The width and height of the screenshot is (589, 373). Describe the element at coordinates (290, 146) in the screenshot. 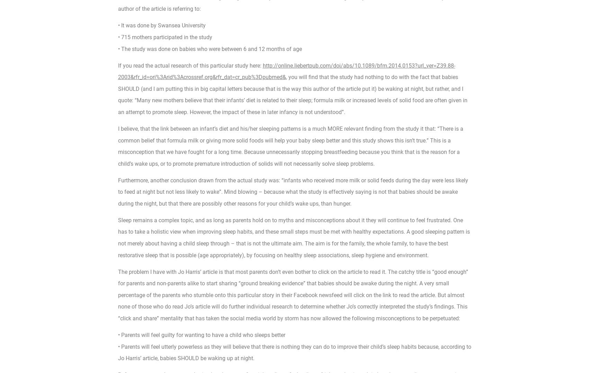

I see `'I believe, that the link between an infant’s diet and his/her sleeping patterns is a much MORE relevant finding from the study it that: “There is a common belief that formula milk or giving more solid foods will help your baby sleep better and this study shows this isn’t true.” This is a misconception that we have fought for a long time. Because unnecessarily stopping breastfeeding because you think that is the reason for a child’s wake ups, or to promote premature introduction of solids will not necessarily solve sleep problems.'` at that location.